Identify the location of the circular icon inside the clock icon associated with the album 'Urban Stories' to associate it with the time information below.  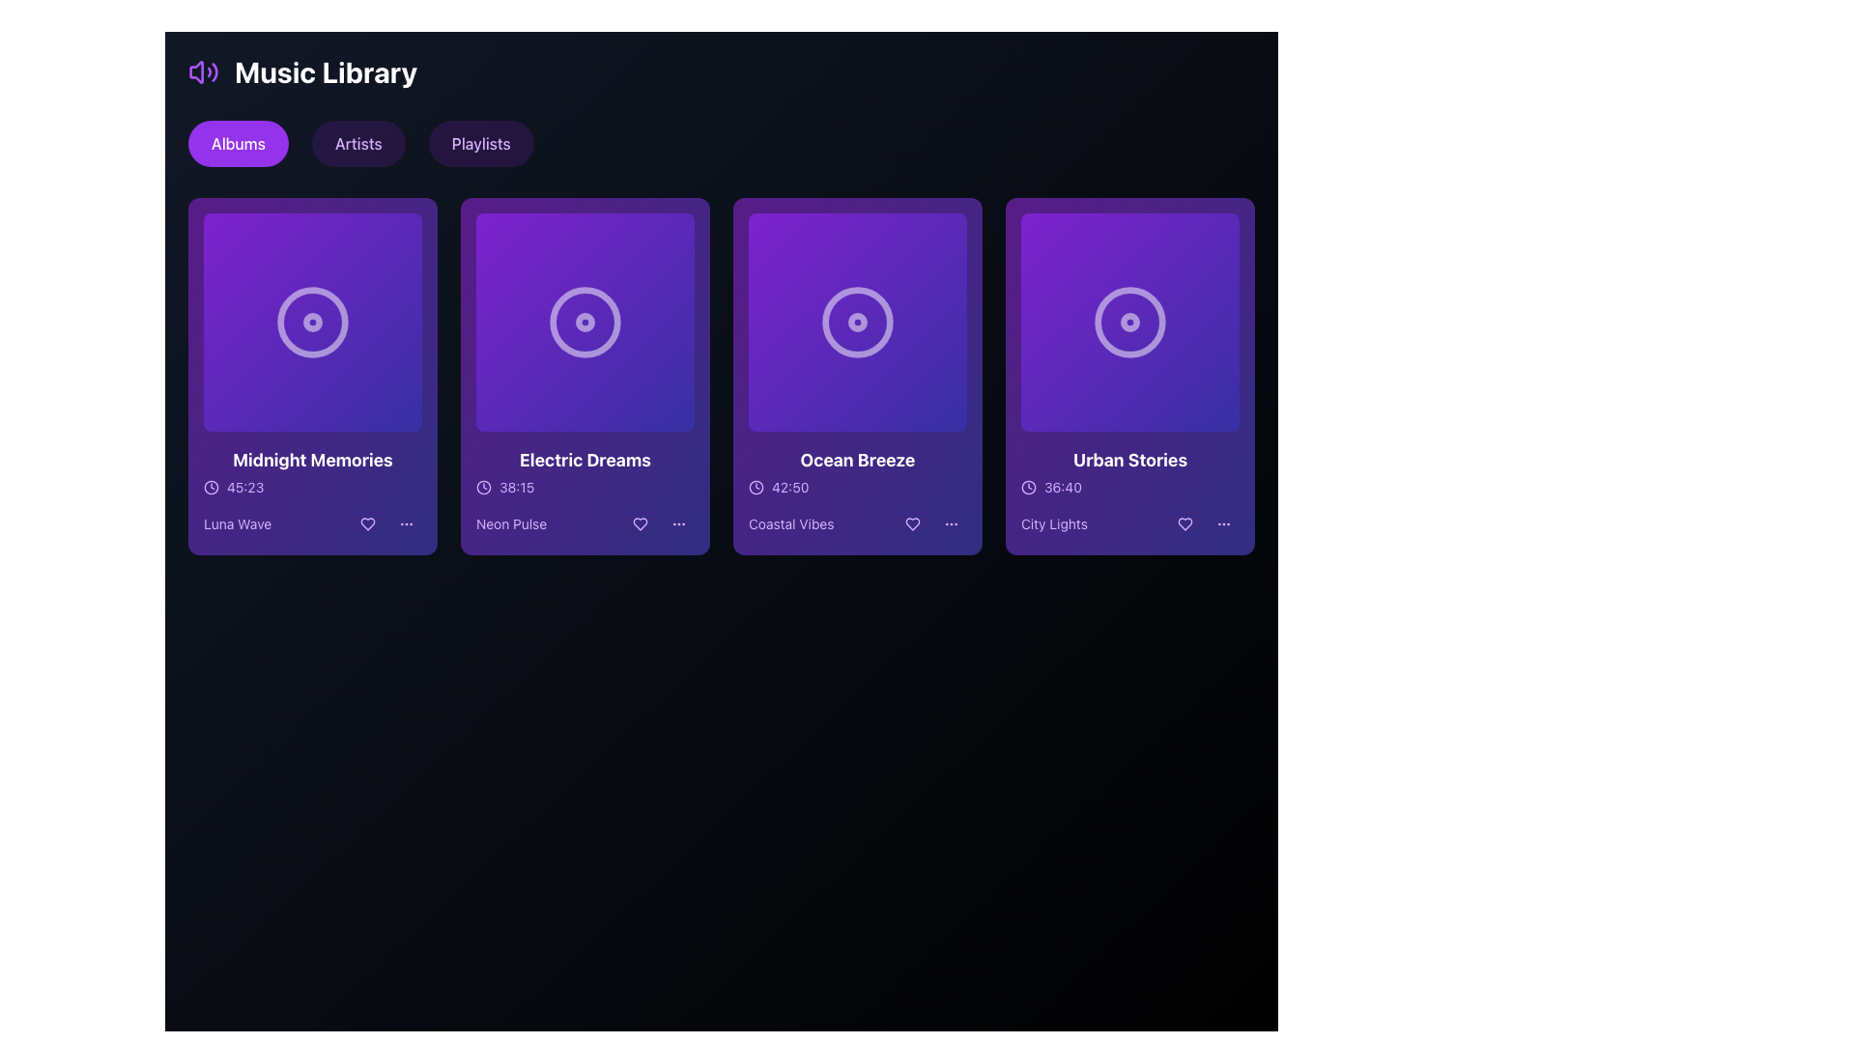
(1028, 487).